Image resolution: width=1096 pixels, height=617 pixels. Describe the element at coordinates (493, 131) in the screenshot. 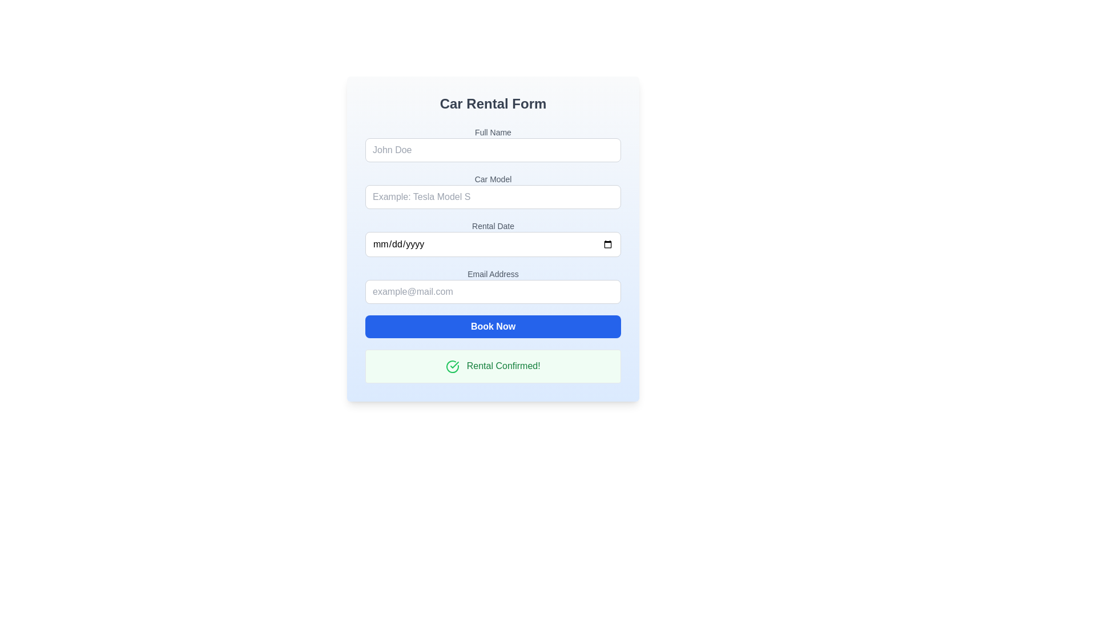

I see `the 'Full Name' label, which is a small, gray text element positioned above the 'John Doe' input field in the form section` at that location.